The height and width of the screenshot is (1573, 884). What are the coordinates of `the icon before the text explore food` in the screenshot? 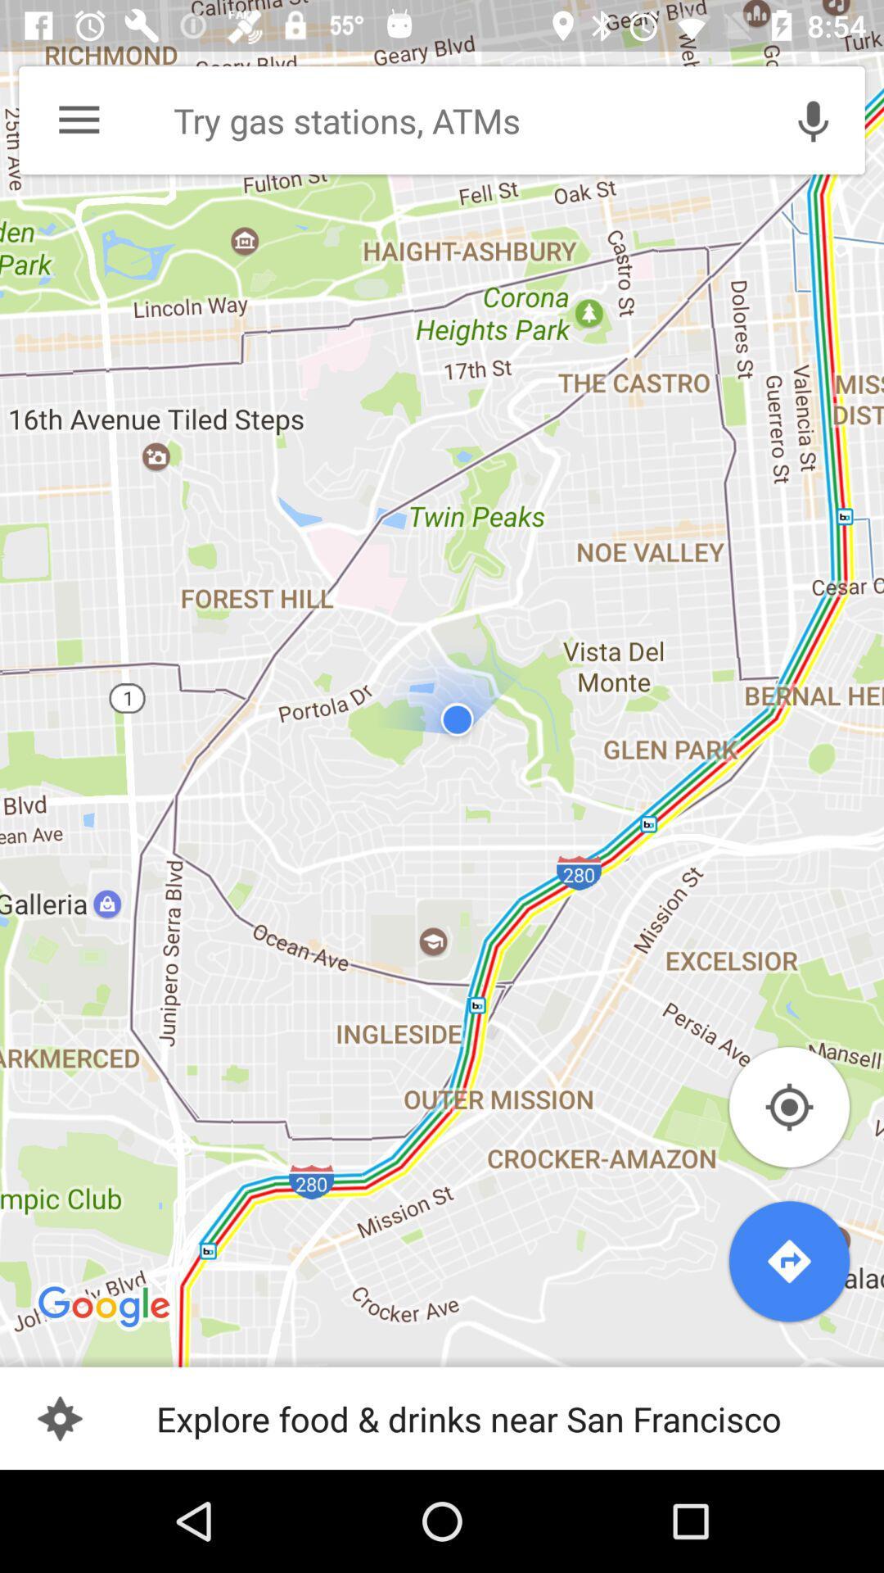 It's located at (59, 1417).